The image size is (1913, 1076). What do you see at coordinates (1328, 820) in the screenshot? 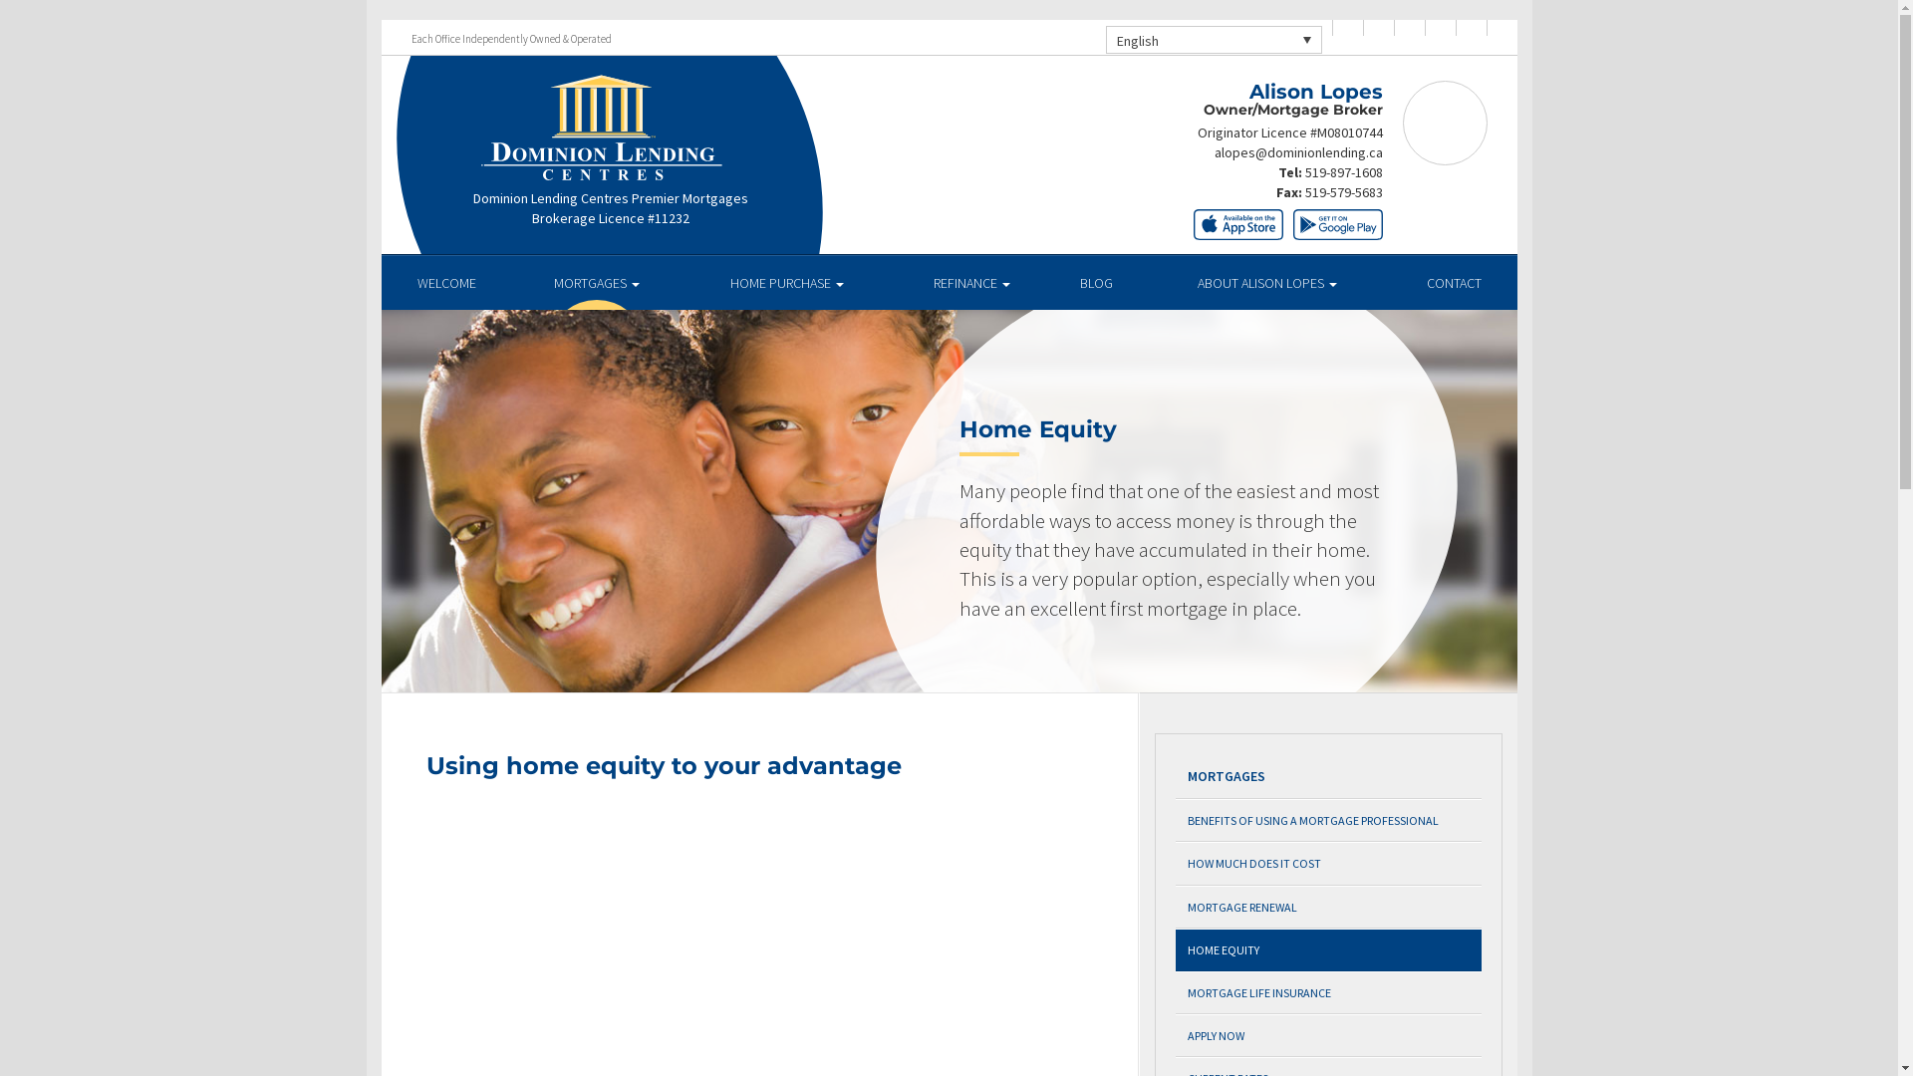
I see `'BENEFITS OF USING A MORTGAGE PROFESSIONAL'` at bounding box center [1328, 820].